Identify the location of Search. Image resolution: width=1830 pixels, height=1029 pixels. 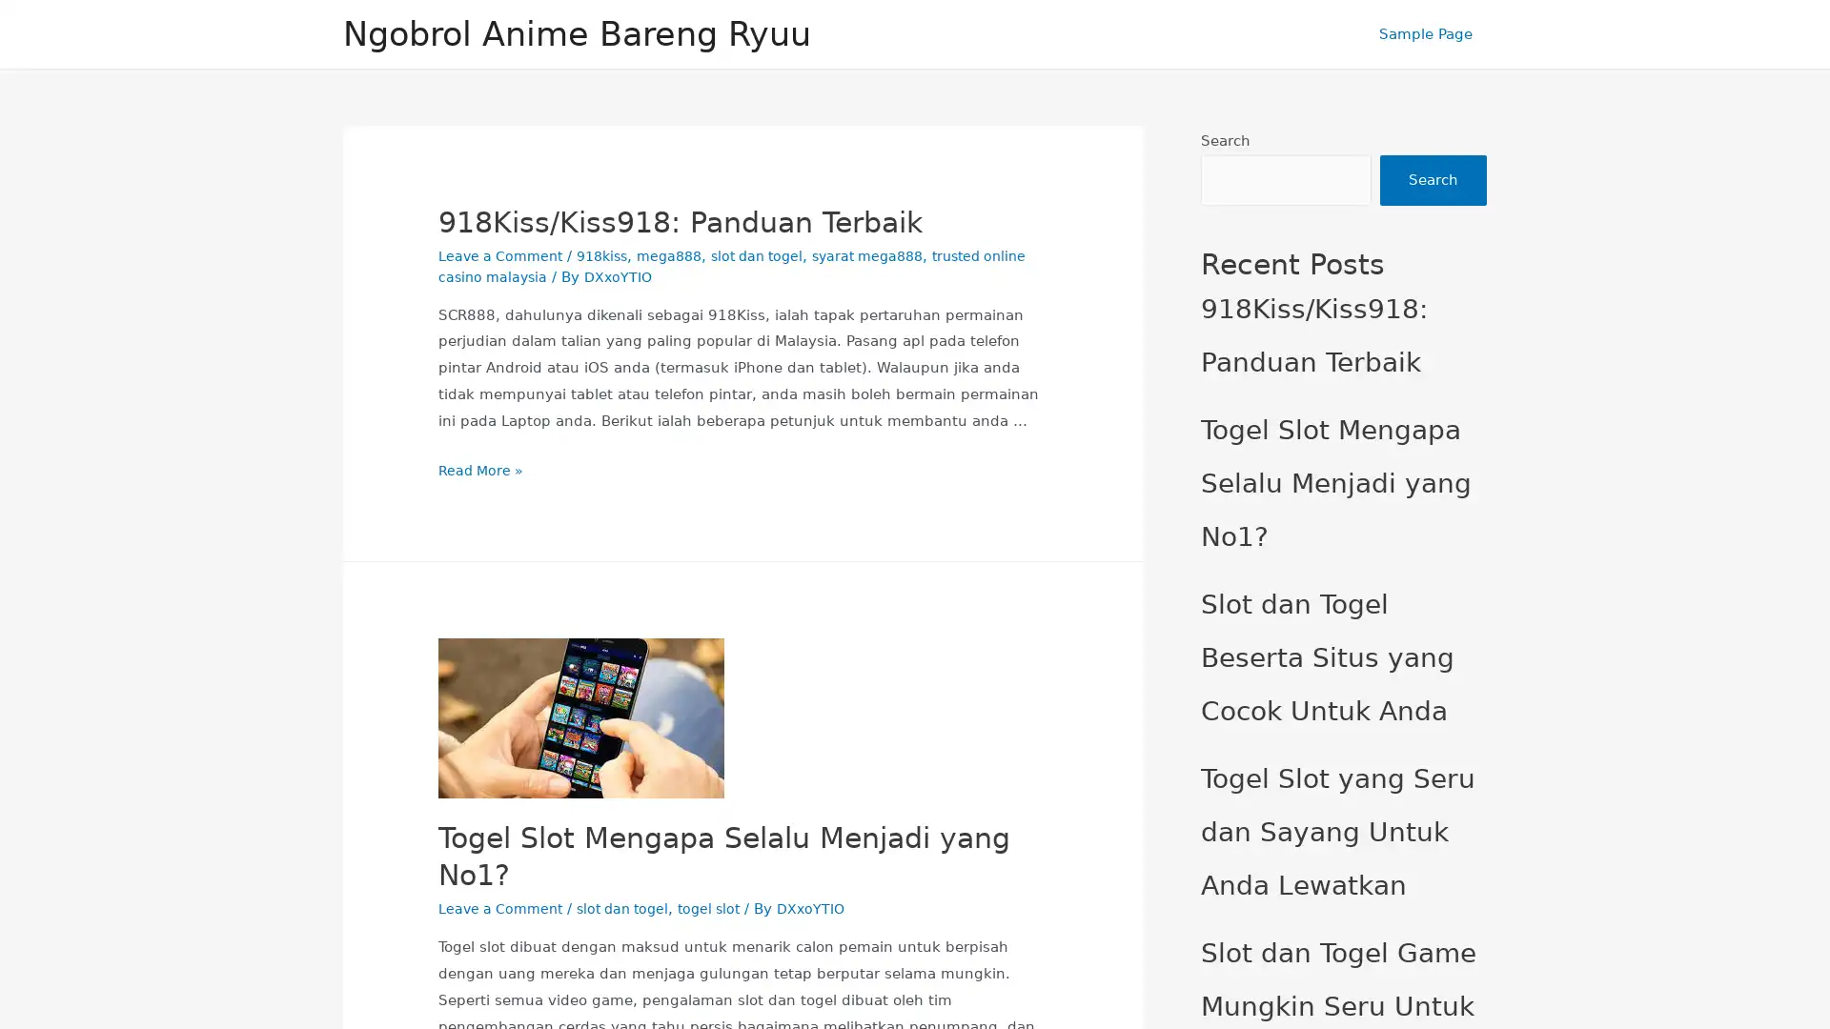
(1433, 180).